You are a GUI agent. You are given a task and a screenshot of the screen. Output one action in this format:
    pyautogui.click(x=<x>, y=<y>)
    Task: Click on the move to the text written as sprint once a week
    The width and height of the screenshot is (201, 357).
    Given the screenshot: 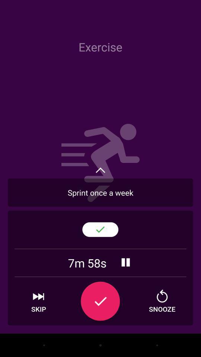 What is the action you would take?
    pyautogui.click(x=100, y=192)
    